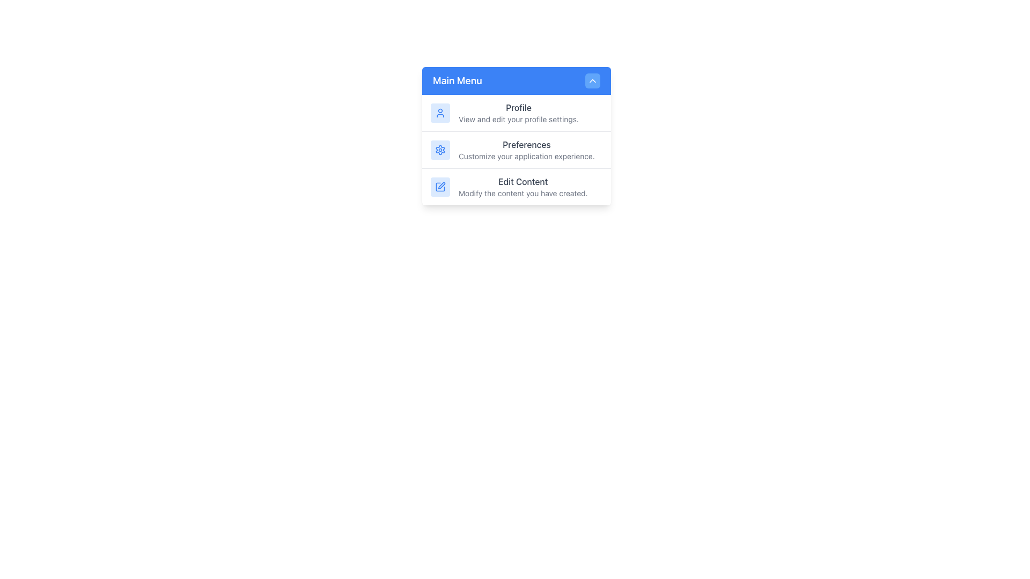 This screenshot has height=579, width=1030. What do you see at coordinates (518, 107) in the screenshot?
I see `the 'Profile' section text label, which is positioned at the top of the menu list below the 'Main Menu' header` at bounding box center [518, 107].